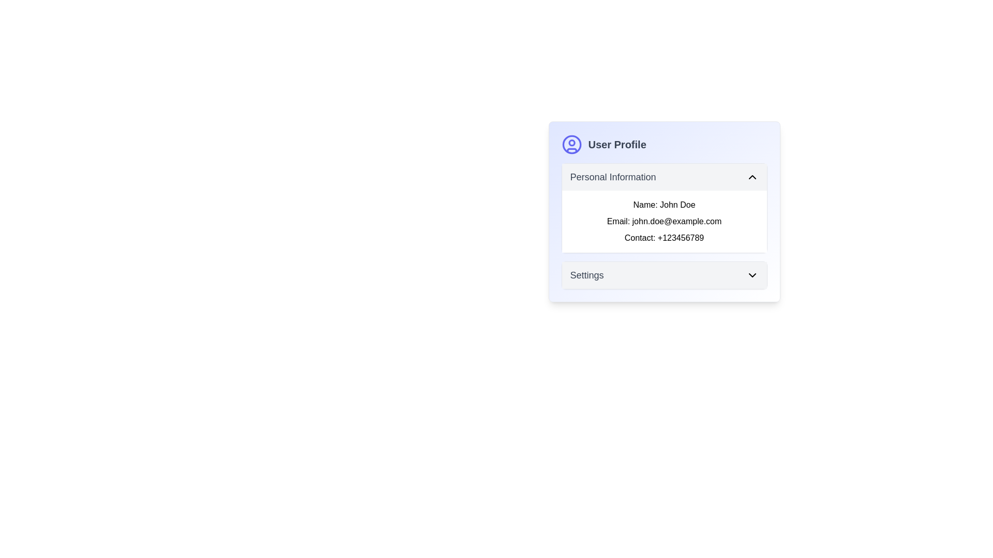 This screenshot has height=558, width=993. Describe the element at coordinates (571, 150) in the screenshot. I see `the small vector shape located in the lower section of the circular user profile icon within the 'User Profile' card` at that location.